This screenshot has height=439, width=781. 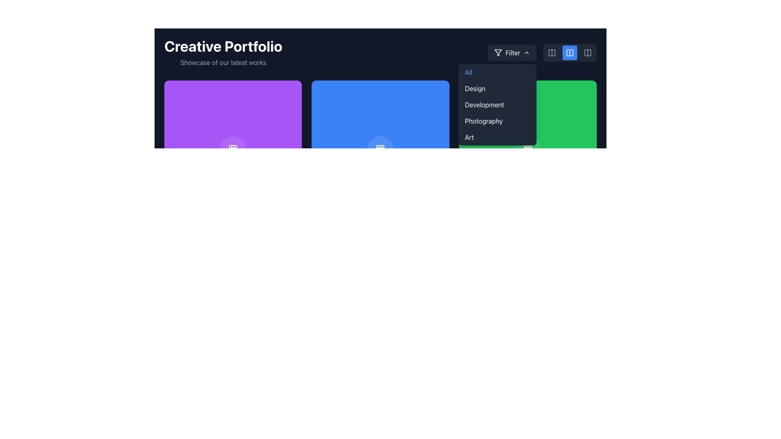 What do you see at coordinates (511, 53) in the screenshot?
I see `the 'Filter' dropdown toggle button located at the top-right corner of the interface` at bounding box center [511, 53].